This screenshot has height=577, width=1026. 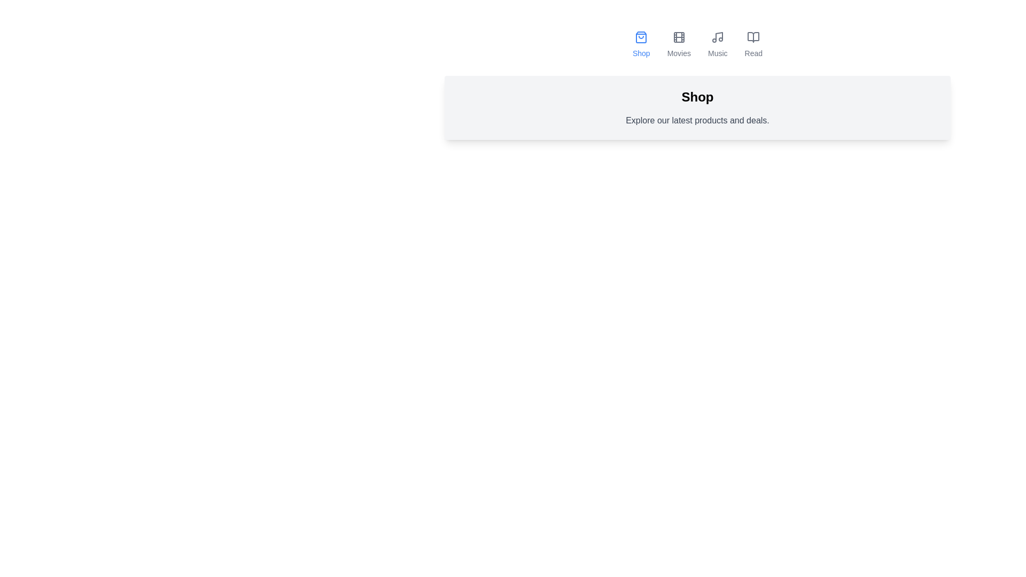 What do you see at coordinates (678, 44) in the screenshot?
I see `the tab labeled Movies` at bounding box center [678, 44].